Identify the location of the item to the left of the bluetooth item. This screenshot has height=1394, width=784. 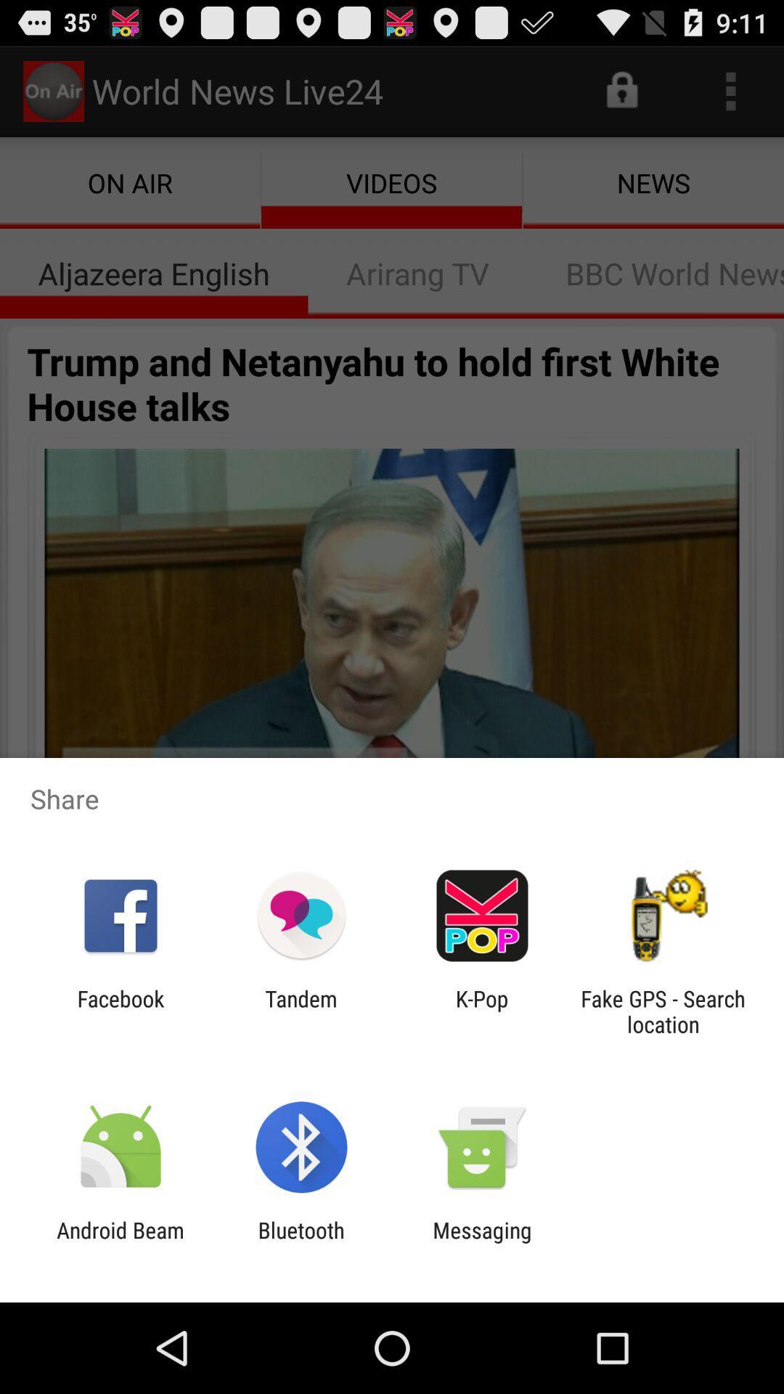
(120, 1242).